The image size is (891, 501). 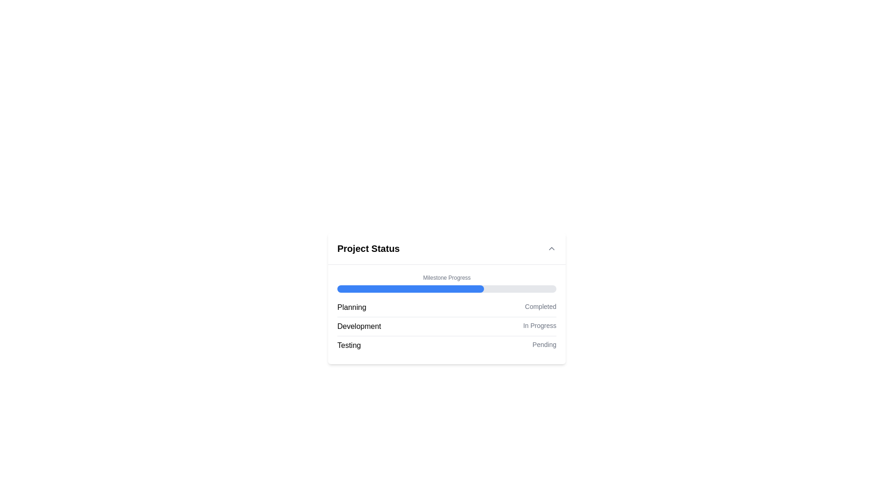 I want to click on the third item in the vertically arranged list of milestones indicating the status of the 'Testing' milestone, which is currently 'Pending.', so click(x=447, y=345).